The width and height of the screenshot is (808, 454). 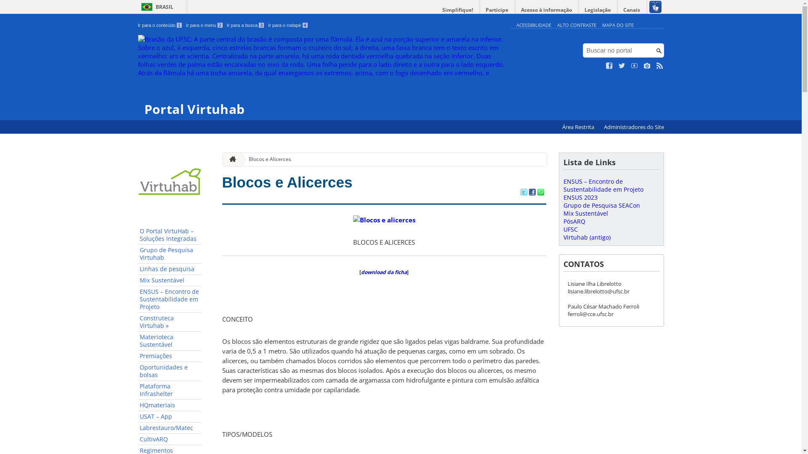 I want to click on 'ALTO CONTRASTE', so click(x=576, y=24).